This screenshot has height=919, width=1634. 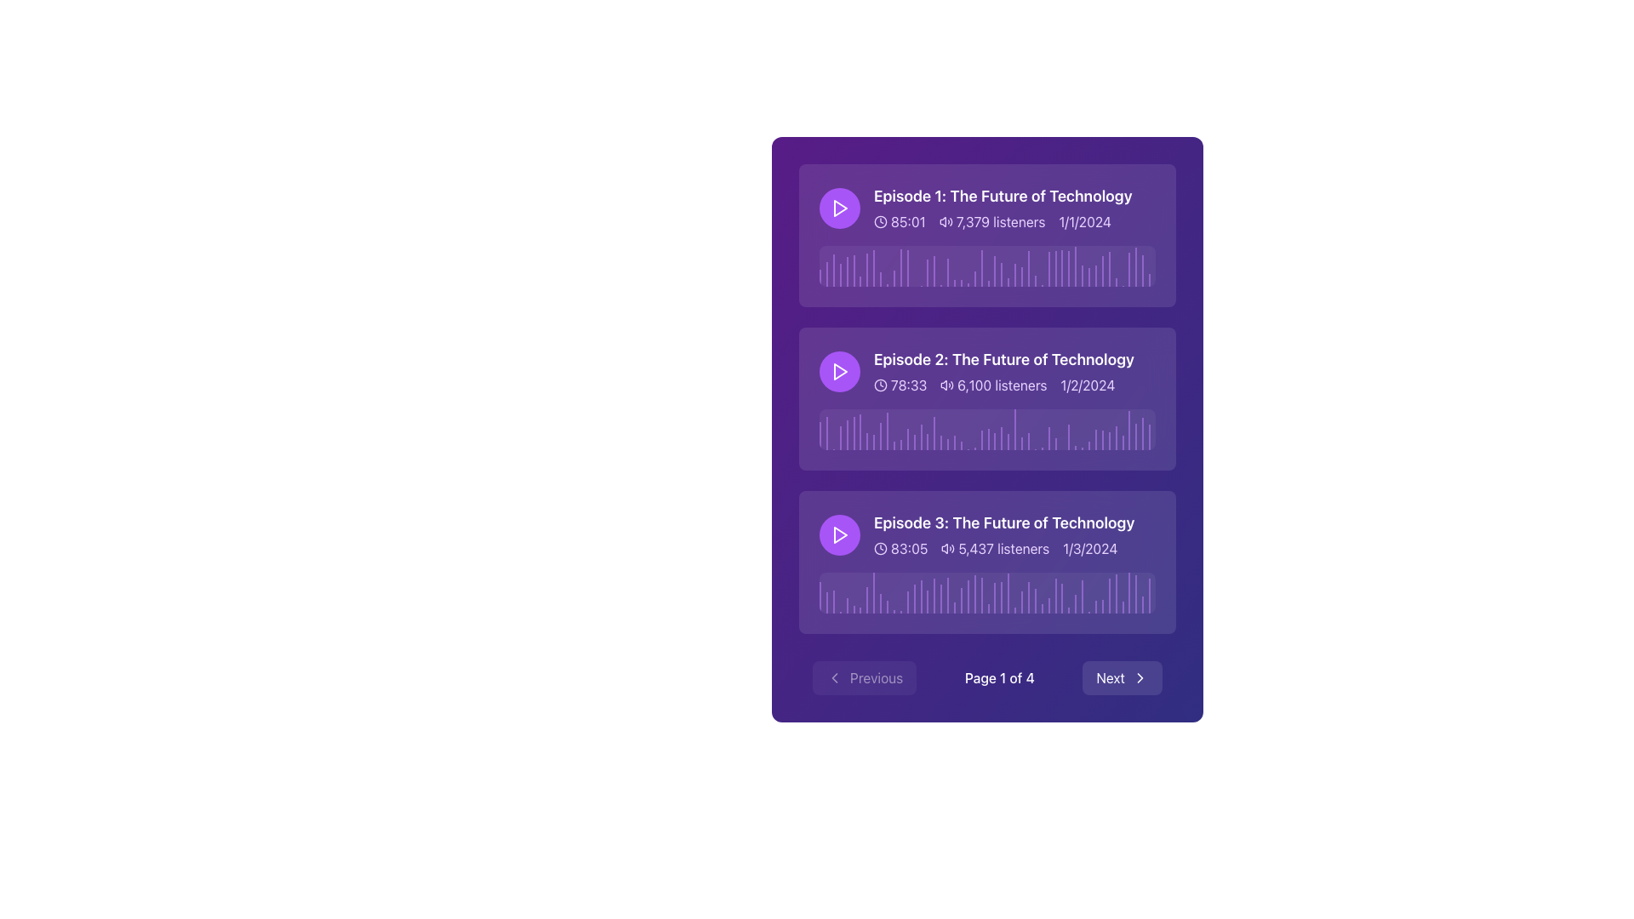 What do you see at coordinates (1048, 268) in the screenshot?
I see `the Progress Indicator that serves as a position marker within the waveform, distinctly longer than neighboring lines, located below 'Episode 1: The Future of Technology'` at bounding box center [1048, 268].